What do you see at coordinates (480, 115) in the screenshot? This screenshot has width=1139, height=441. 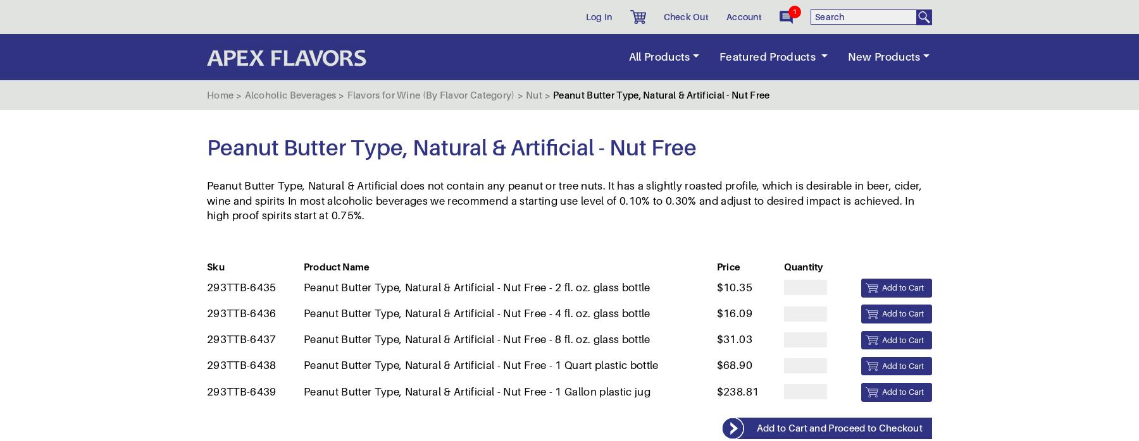 I see `'Peanut Butter Type, Natural & Artificial - Nut Free - 1 Quart plastic bottle'` at bounding box center [480, 115].